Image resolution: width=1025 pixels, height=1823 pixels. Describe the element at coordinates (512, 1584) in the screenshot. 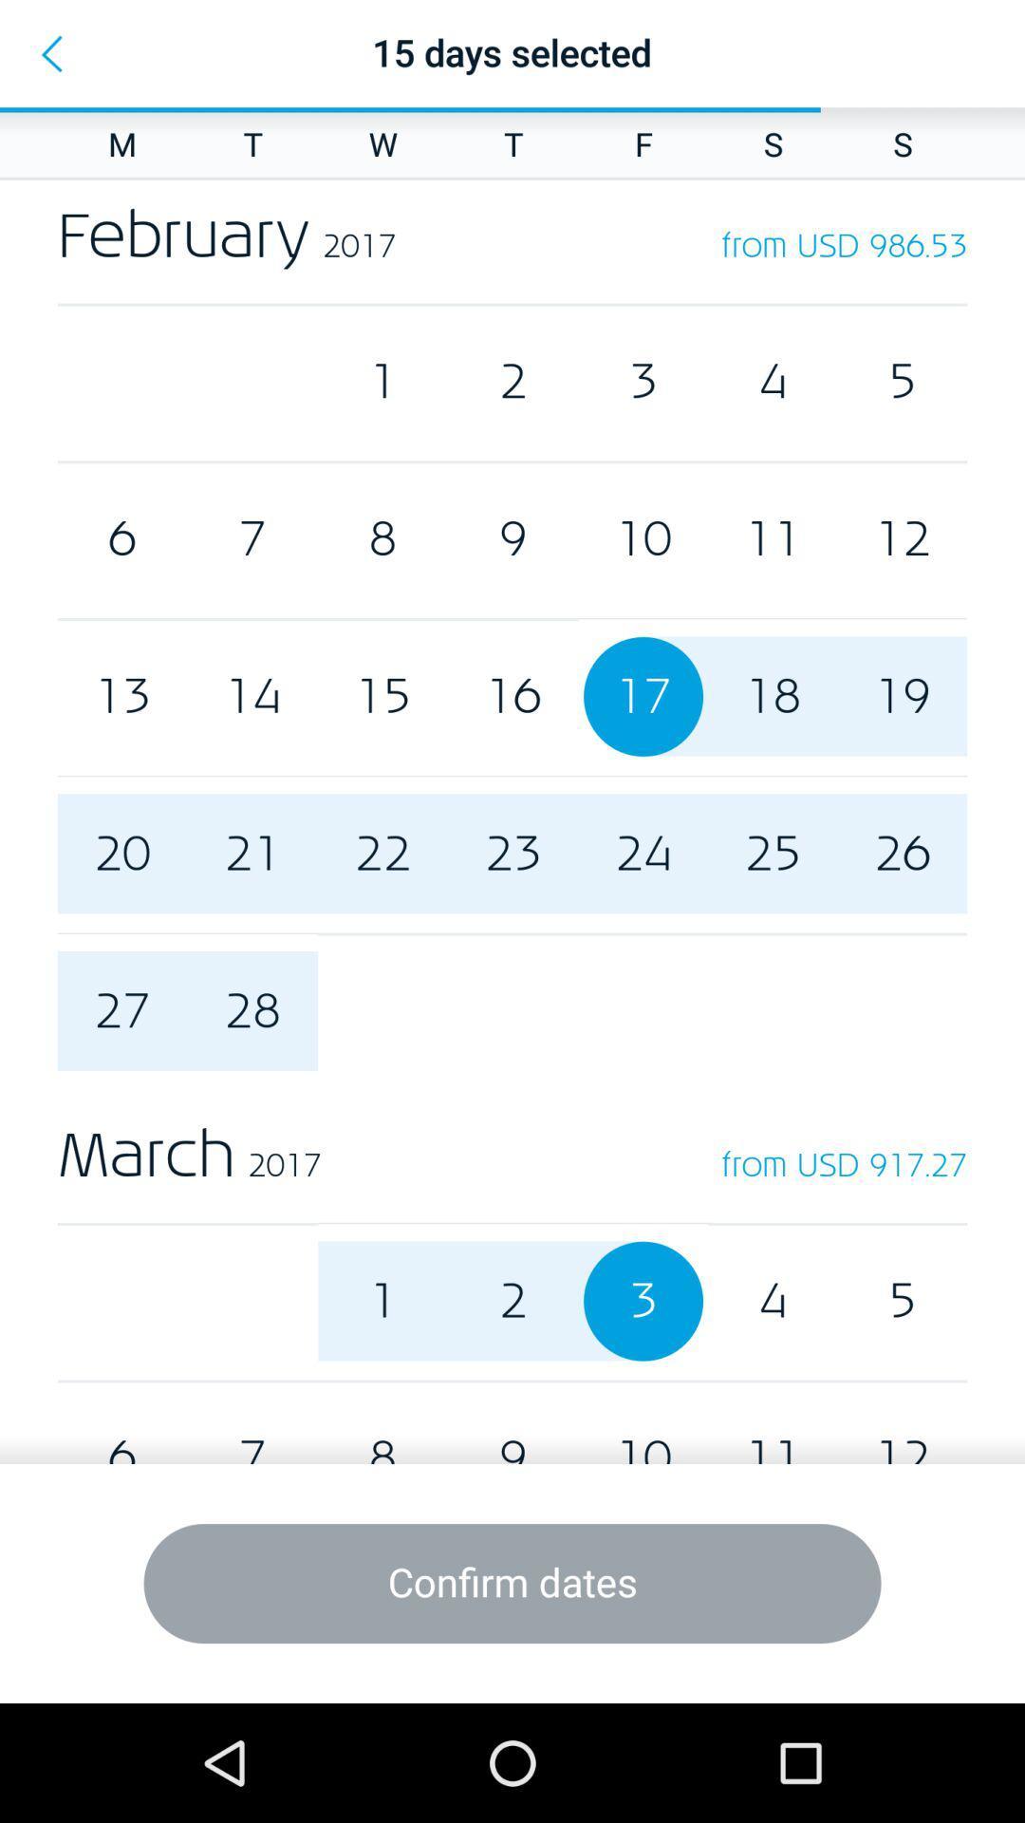

I see `the icon below the 6 item` at that location.